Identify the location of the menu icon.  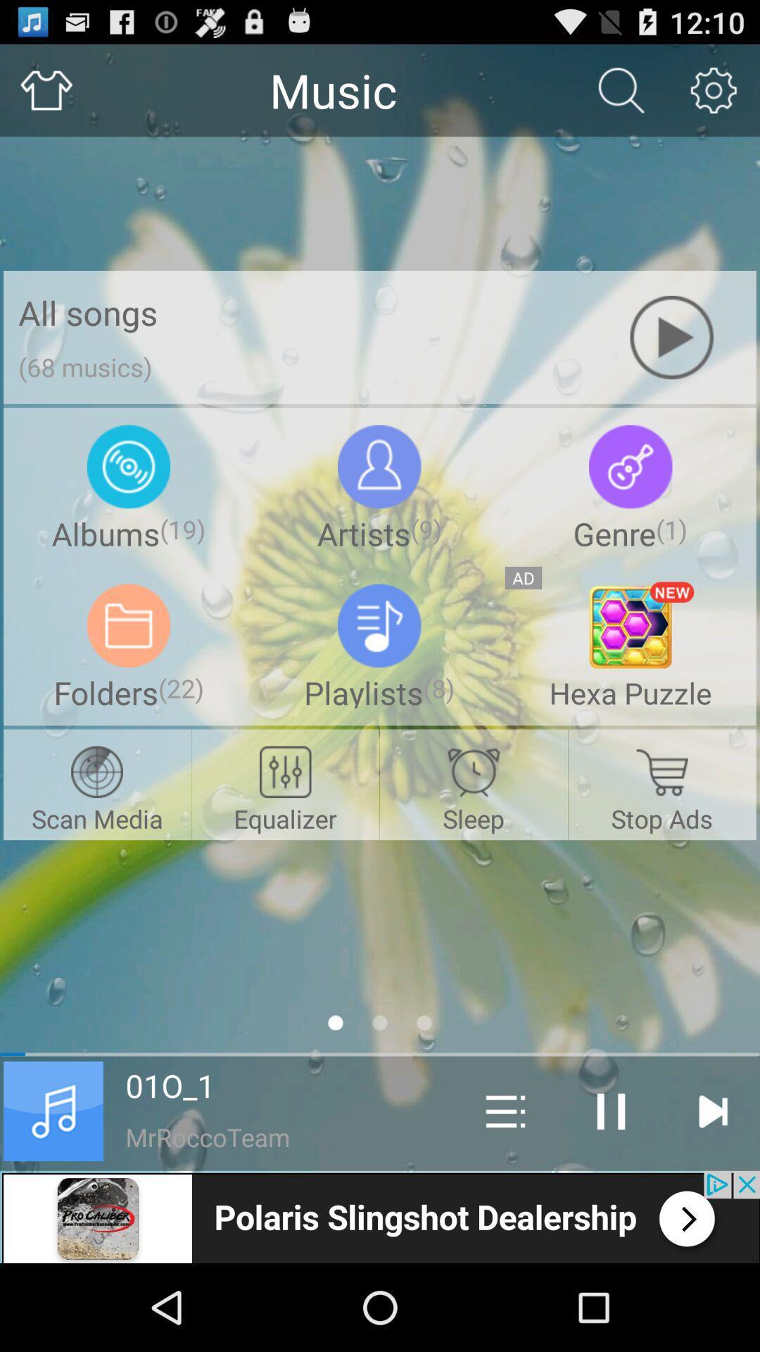
(505, 1189).